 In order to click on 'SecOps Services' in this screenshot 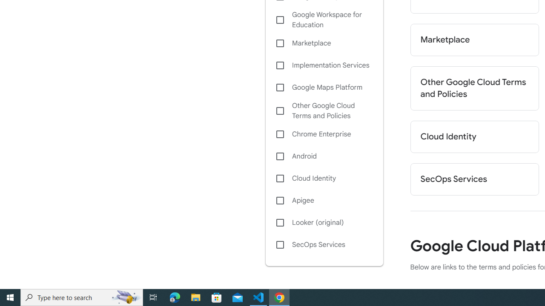, I will do `click(324, 245)`.